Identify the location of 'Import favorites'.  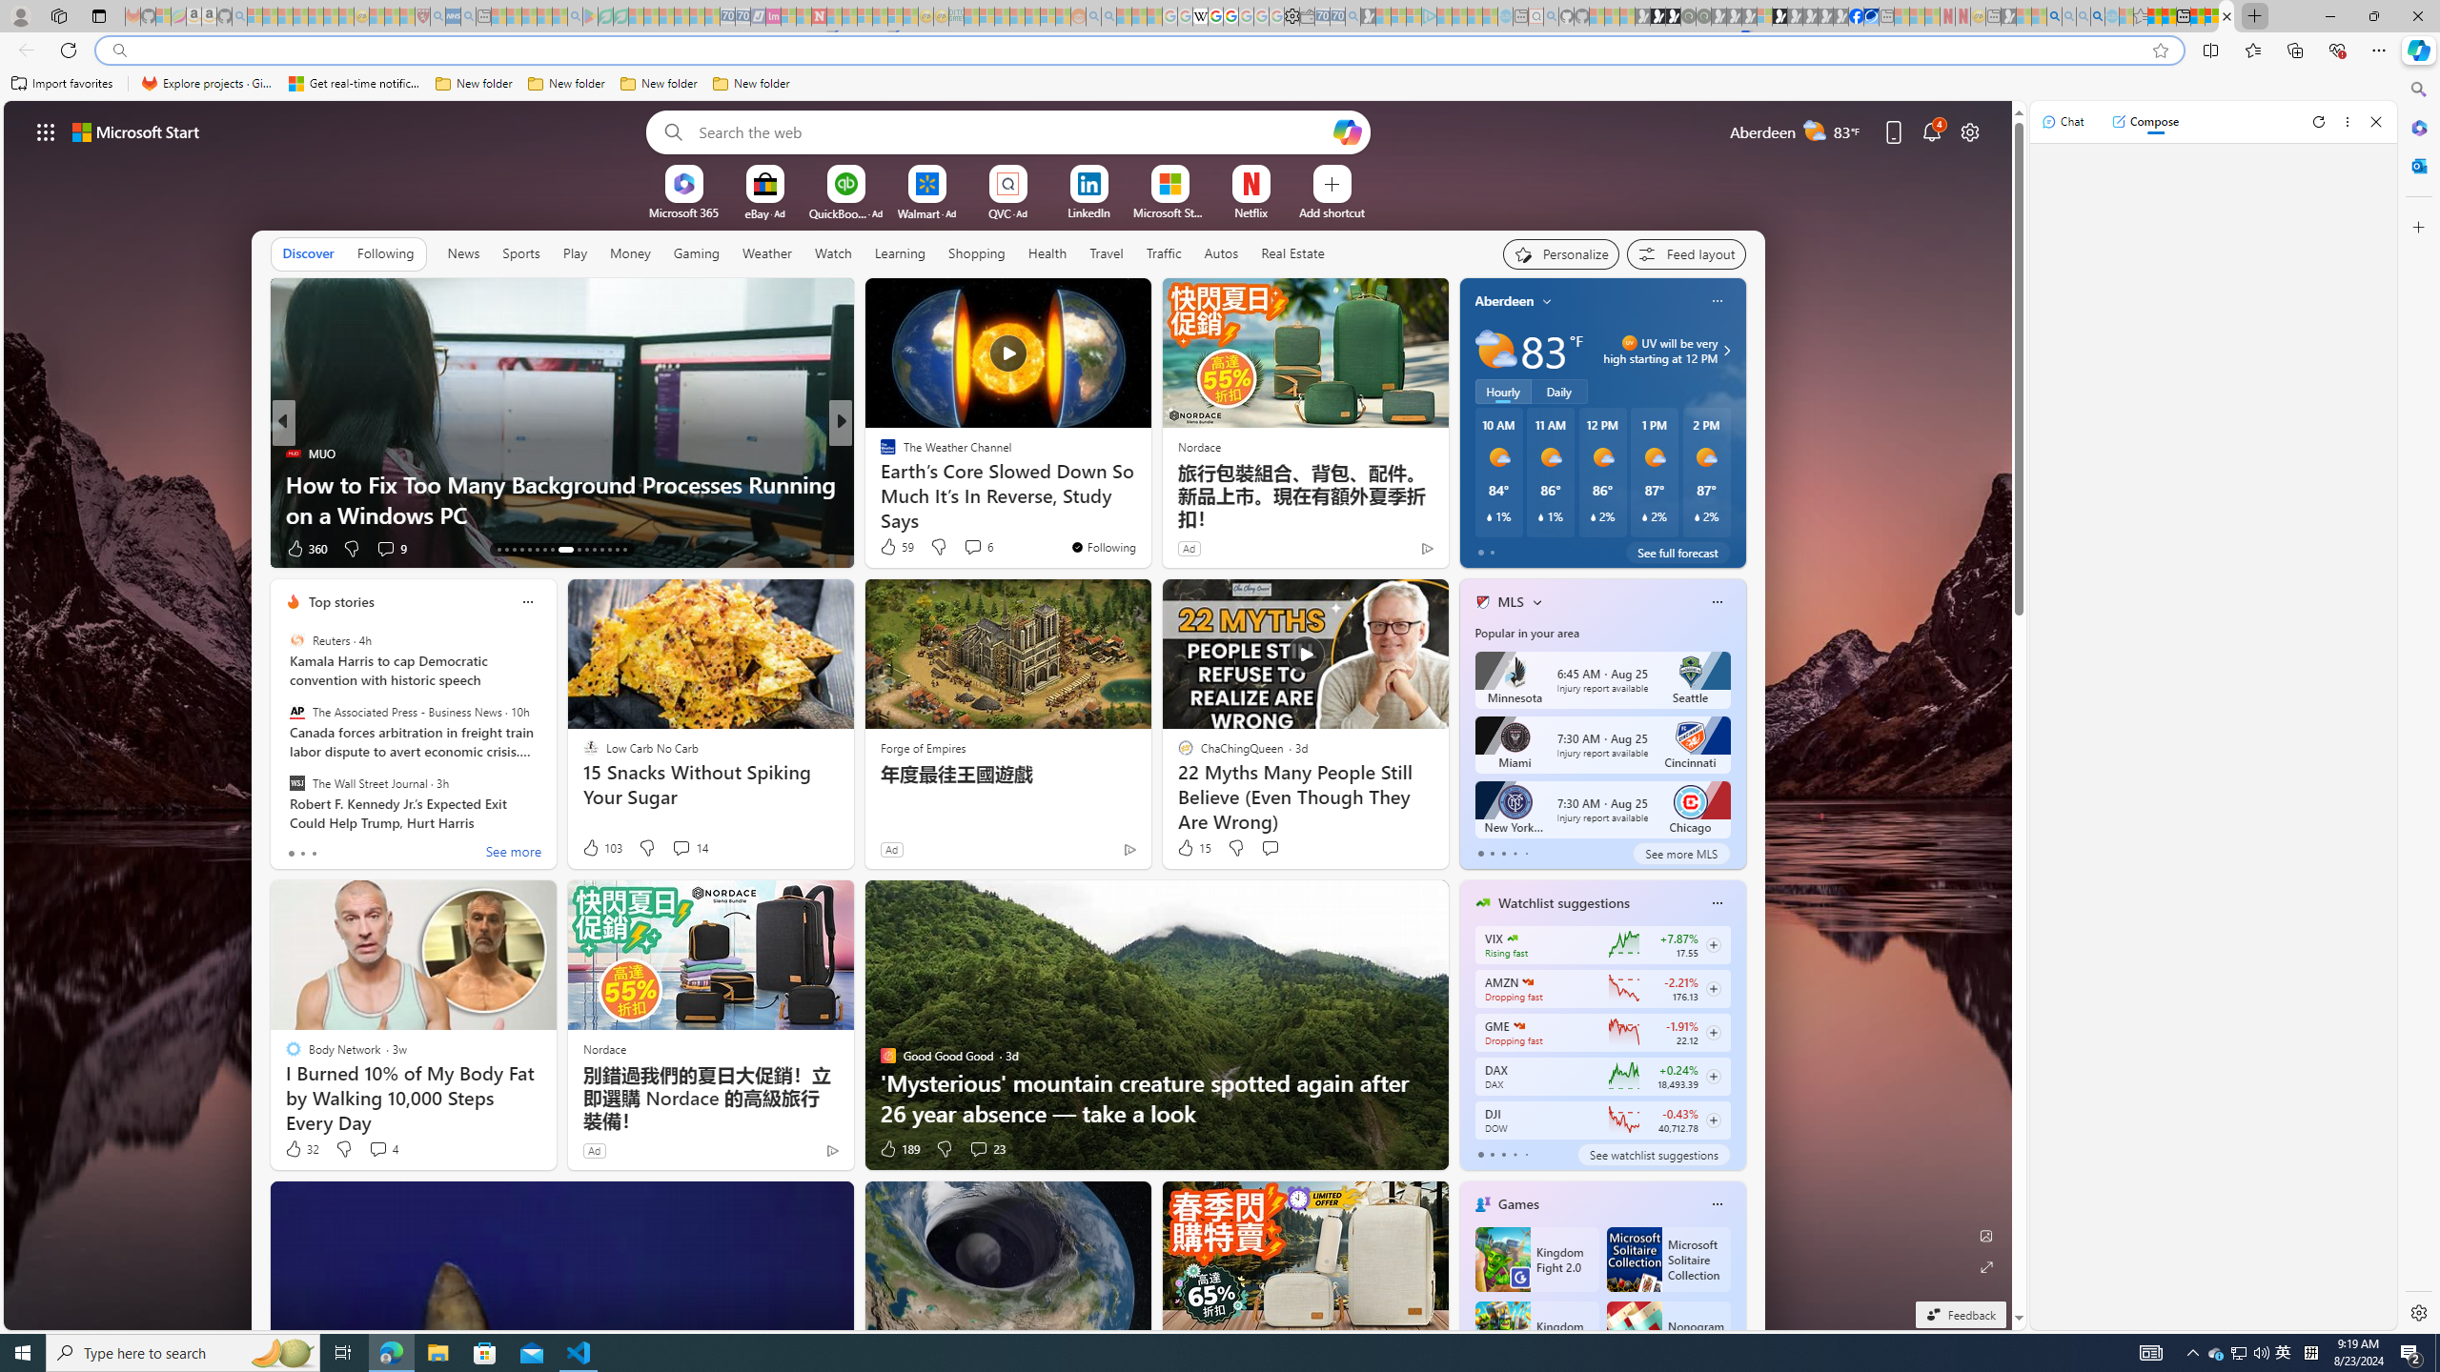
(62, 83).